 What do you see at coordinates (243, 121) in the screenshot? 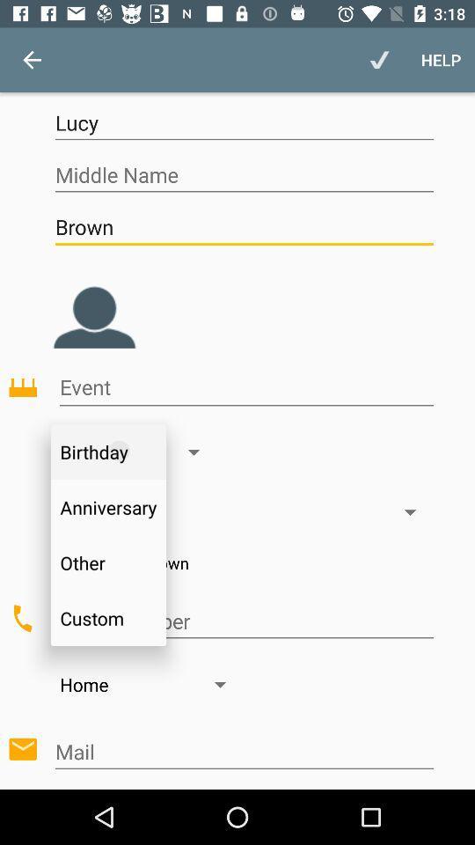
I see `lucy` at bounding box center [243, 121].